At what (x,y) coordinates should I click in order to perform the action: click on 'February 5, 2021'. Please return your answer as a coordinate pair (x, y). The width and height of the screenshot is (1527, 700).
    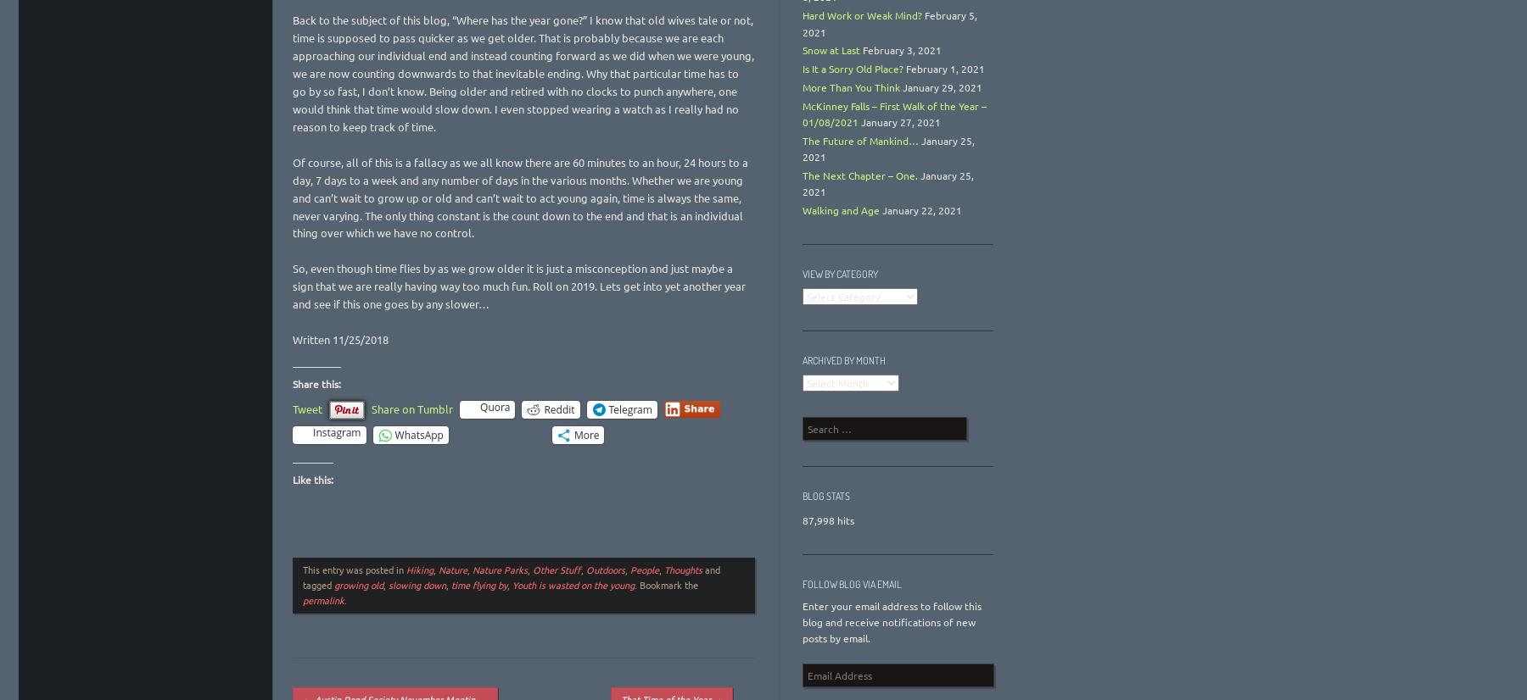
    Looking at the image, I should click on (890, 23).